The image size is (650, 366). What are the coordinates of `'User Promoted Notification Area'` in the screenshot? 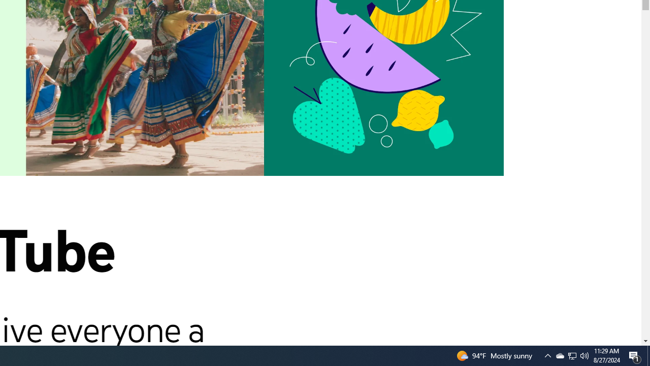 It's located at (547, 355).